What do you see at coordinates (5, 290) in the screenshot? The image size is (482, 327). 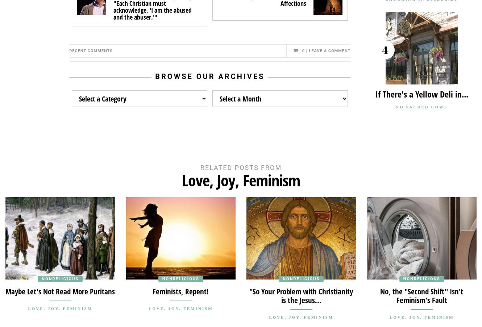 I see `'Maybe Let's Not Read More Puritans'` at bounding box center [5, 290].